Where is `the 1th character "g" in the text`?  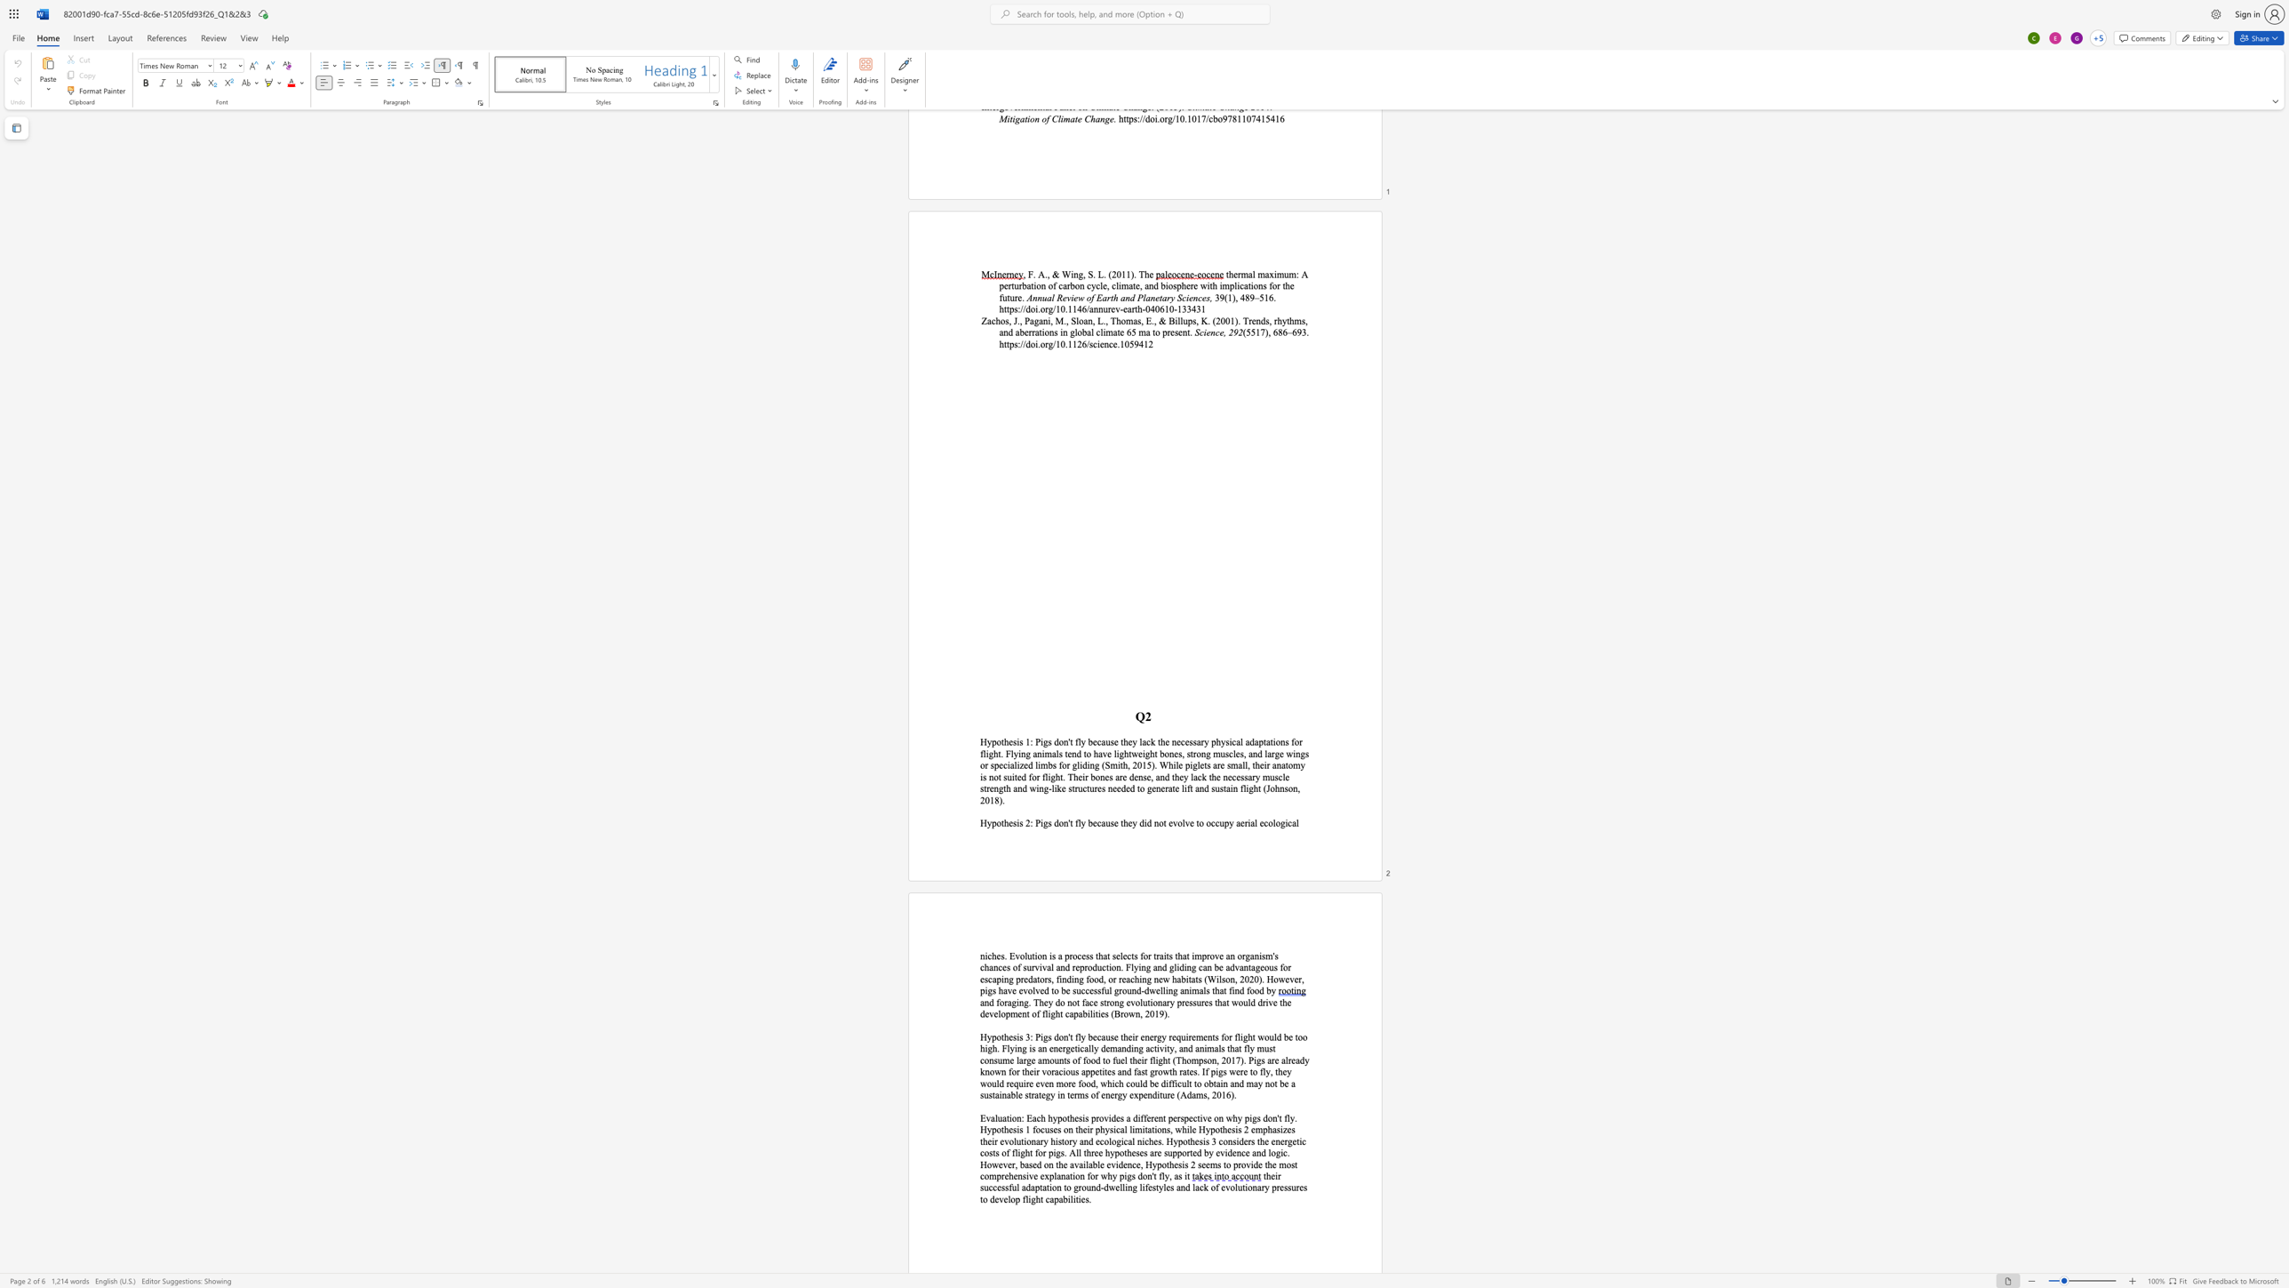 the 1th character "g" in the text is located at coordinates (1254, 1117).